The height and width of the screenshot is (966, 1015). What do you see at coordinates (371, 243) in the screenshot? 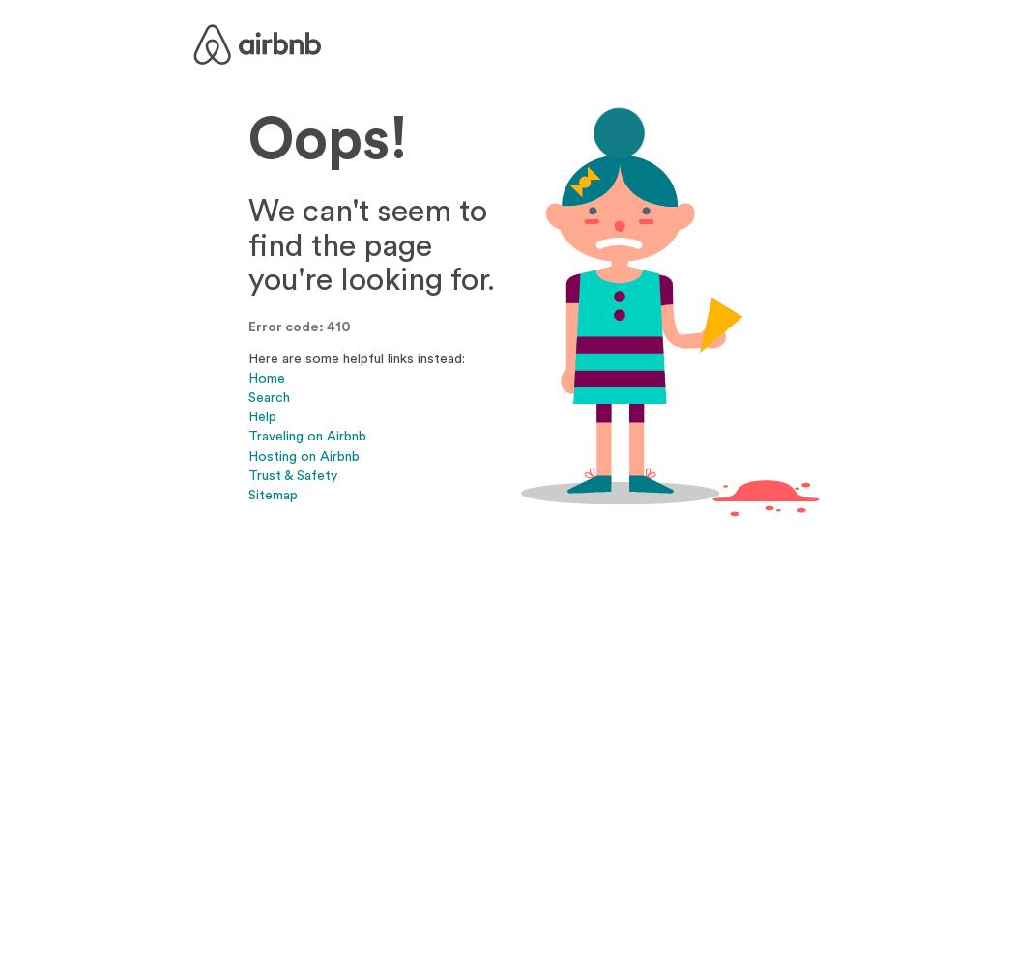
I see `'We can't seem to find the page you're looking for.'` at bounding box center [371, 243].